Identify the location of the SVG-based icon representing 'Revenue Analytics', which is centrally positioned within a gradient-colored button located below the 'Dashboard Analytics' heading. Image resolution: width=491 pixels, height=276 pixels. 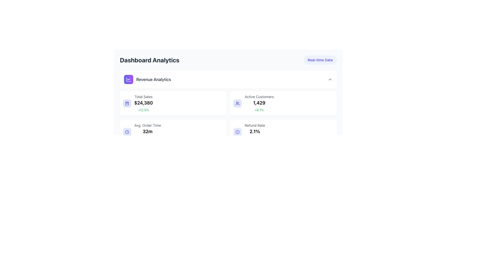
(129, 79).